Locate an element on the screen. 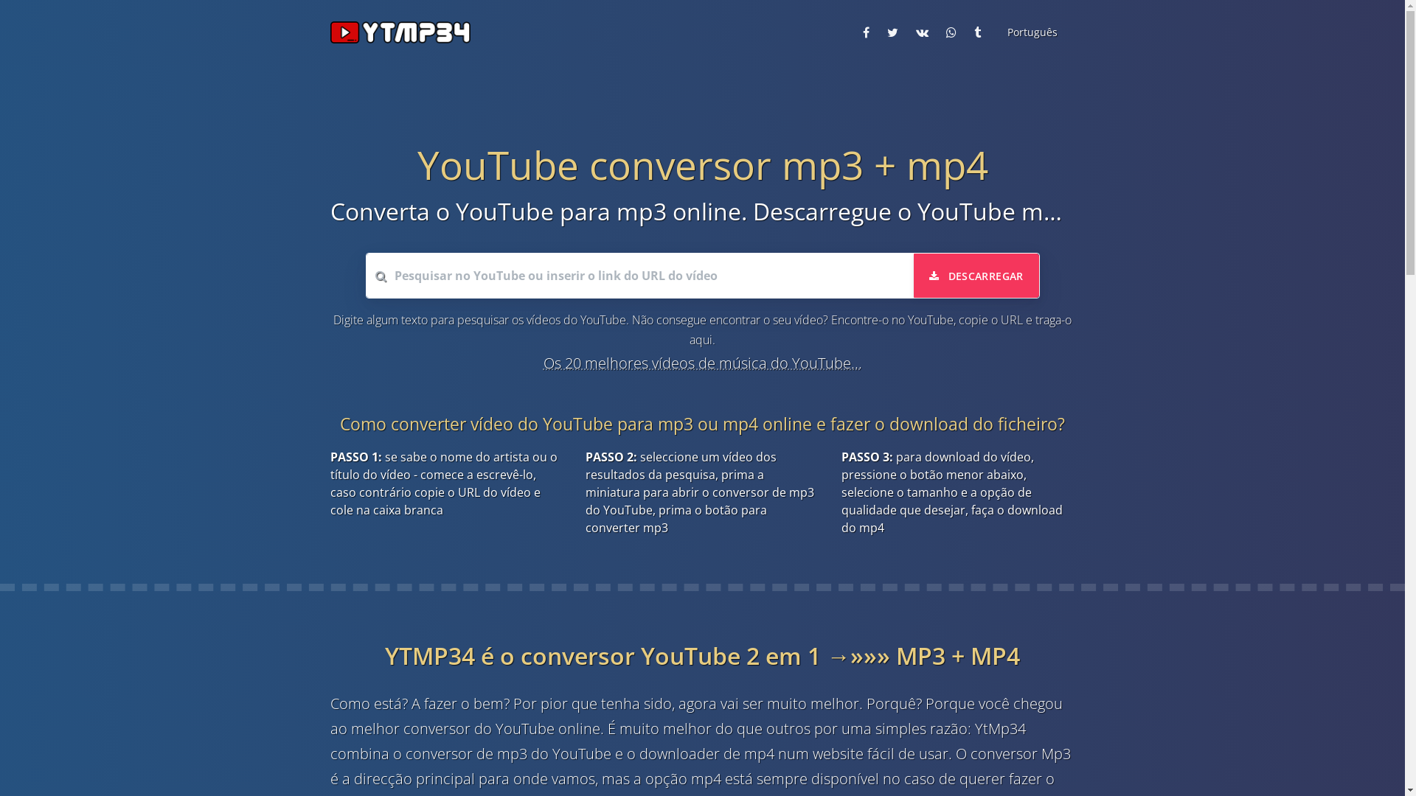  'Compartilhar em VK' is located at coordinates (921, 32).